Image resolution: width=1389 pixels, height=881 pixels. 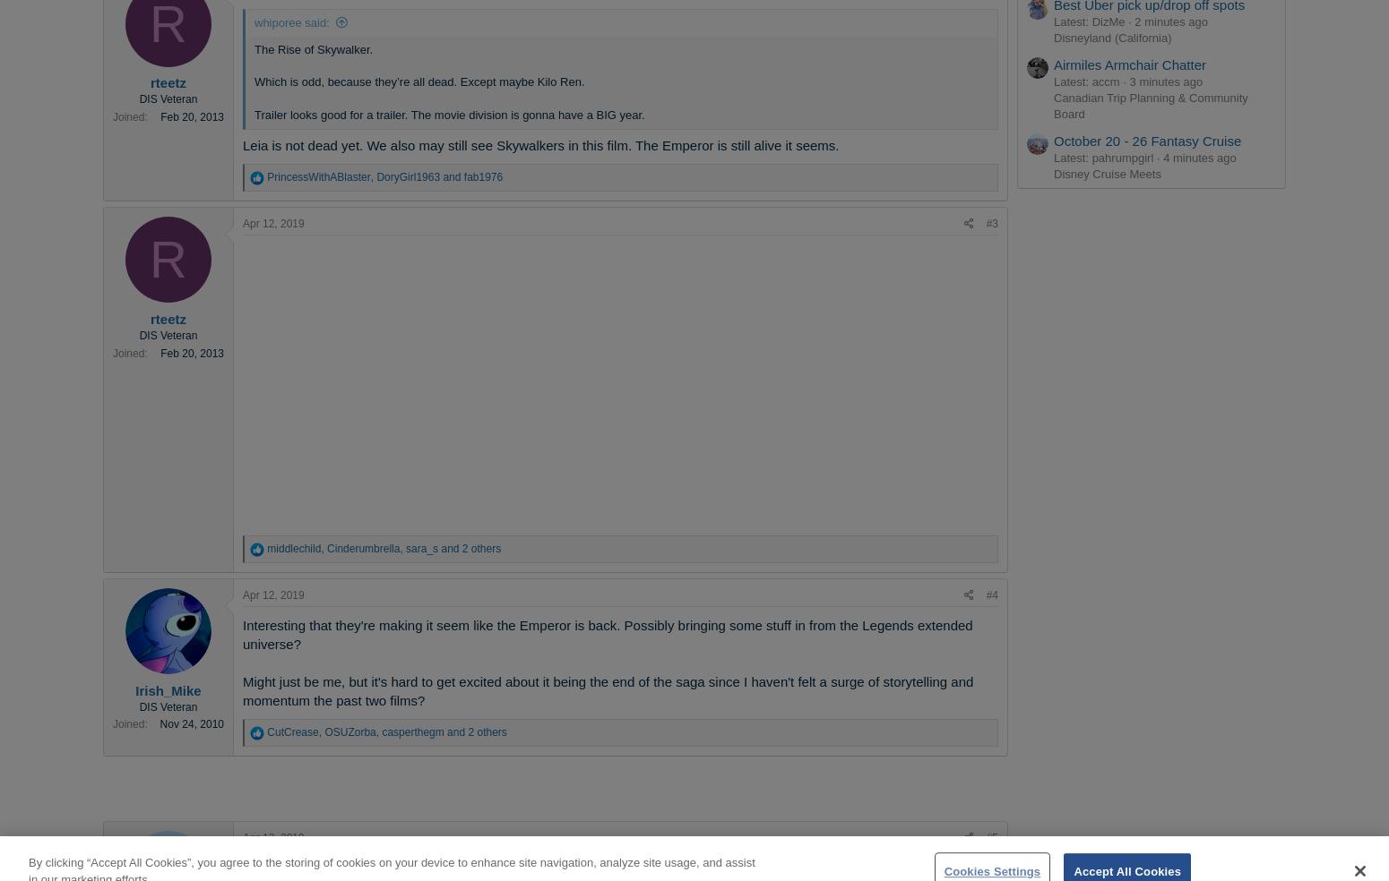 I want to click on 'whiporee said:', so click(x=290, y=21).